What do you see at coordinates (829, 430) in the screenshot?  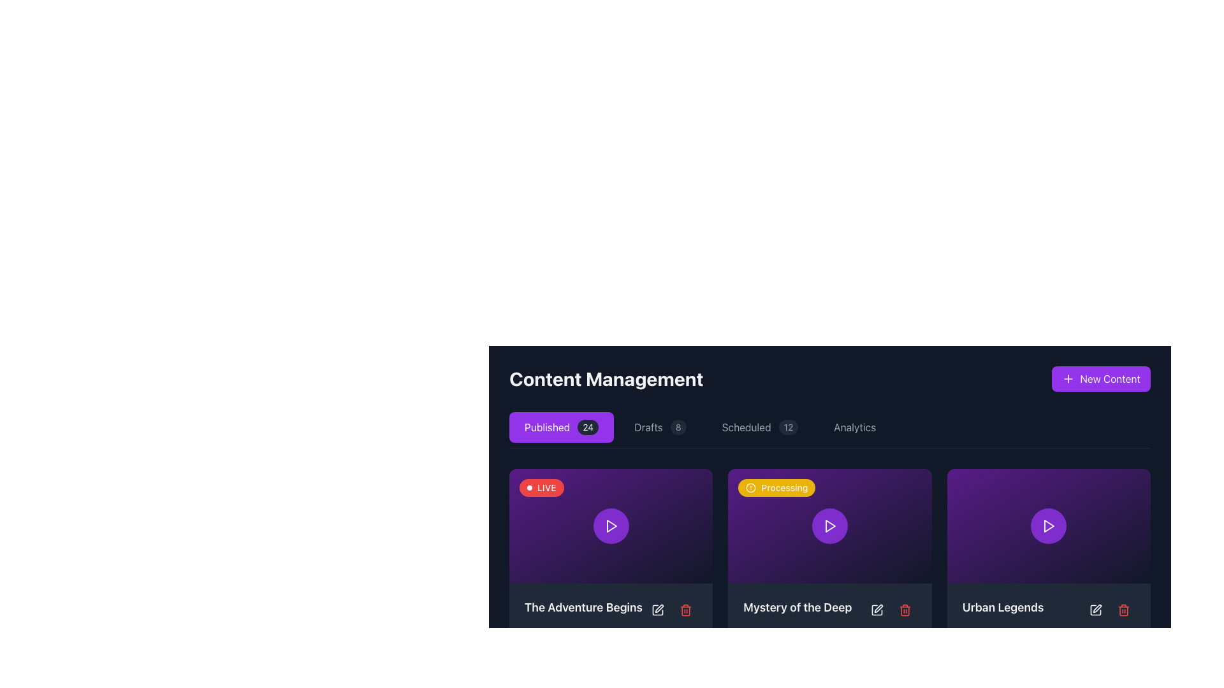 I see `the horizontal navigation bar with pill buttons labeled 'Published', 'Drafts', 'Scheduled', and 'Analytics'` at bounding box center [829, 430].